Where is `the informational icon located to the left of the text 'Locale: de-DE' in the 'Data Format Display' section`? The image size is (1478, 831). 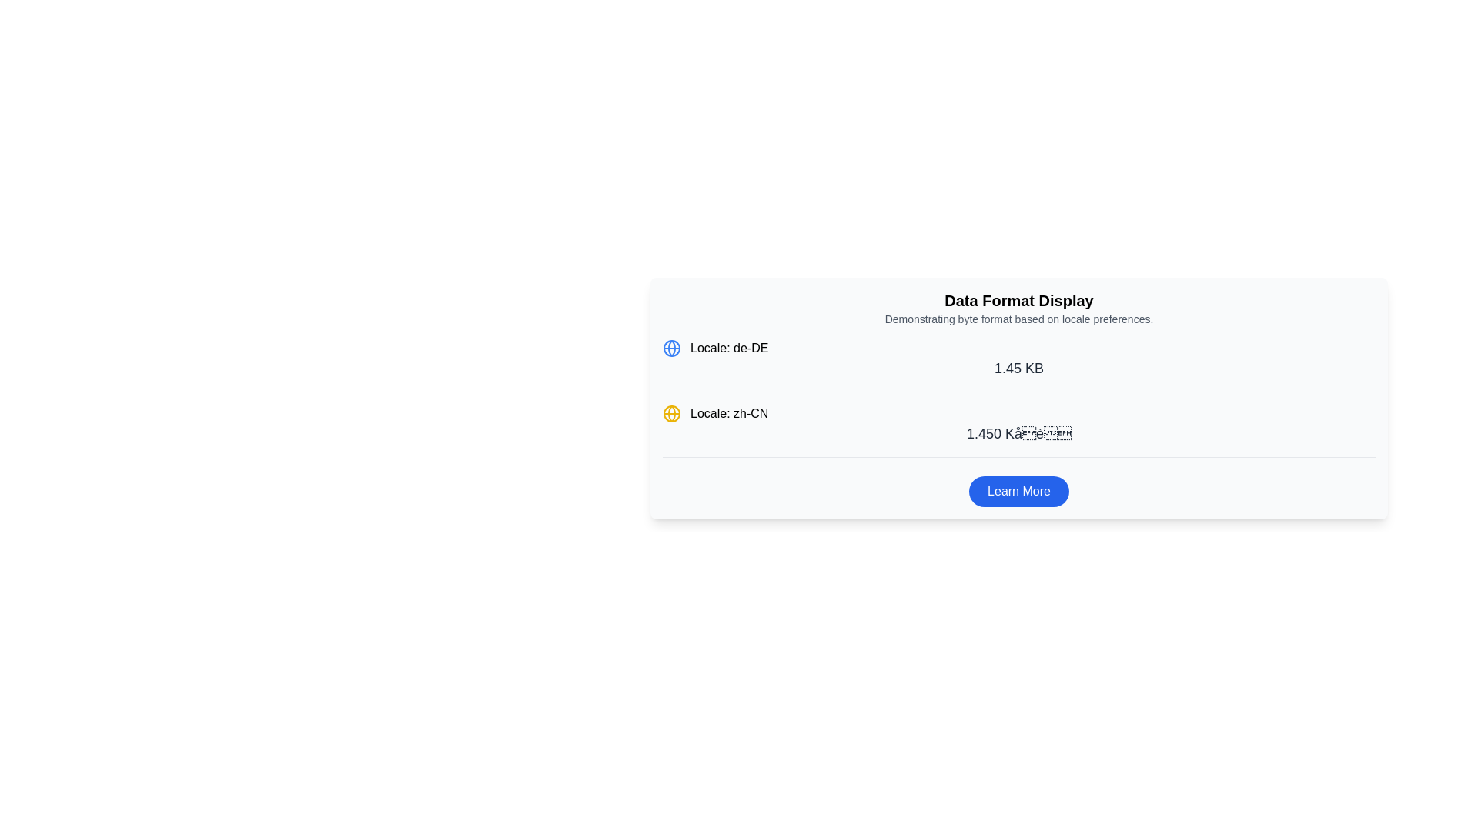 the informational icon located to the left of the text 'Locale: de-DE' in the 'Data Format Display' section is located at coordinates (672, 348).